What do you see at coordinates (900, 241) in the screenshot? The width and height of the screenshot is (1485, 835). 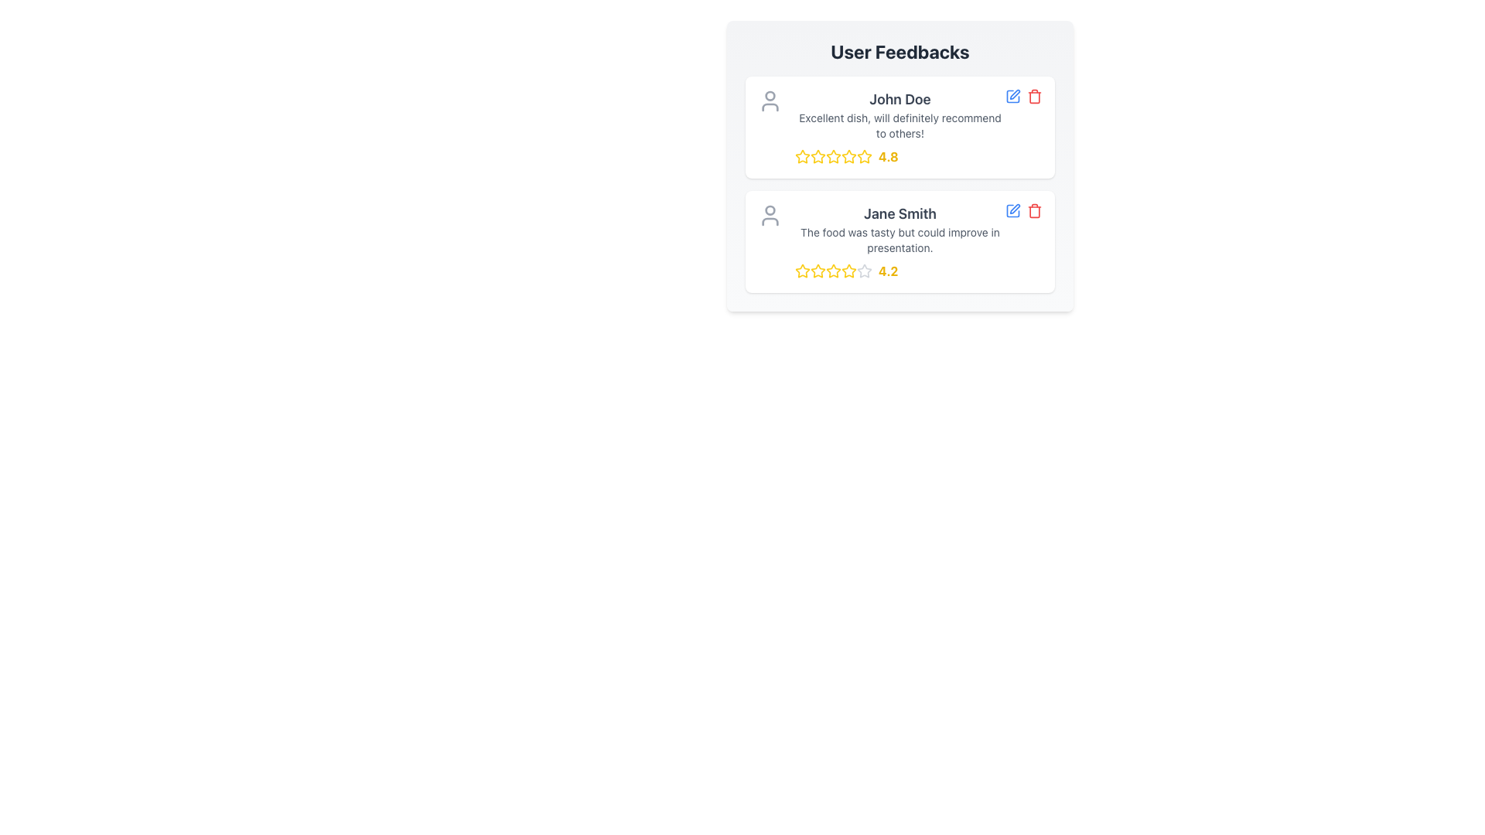 I see `the rating stars in the review by Jane Smith, which is displayed within a white rounded card in the User Feedbacks interface` at bounding box center [900, 241].